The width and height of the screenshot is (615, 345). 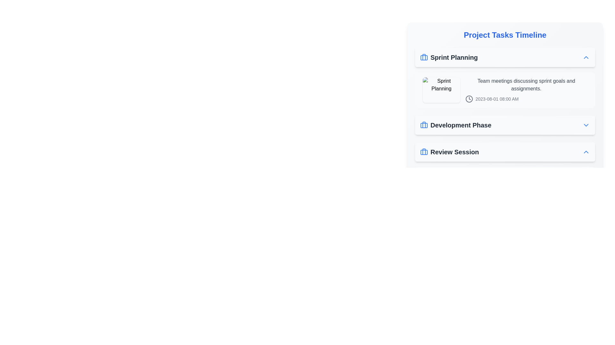 I want to click on the blue outlined briefcase icon located at the leftmost side of the 'Sprint Planning' section, preceding the text 'Sprint Planning', so click(x=424, y=57).